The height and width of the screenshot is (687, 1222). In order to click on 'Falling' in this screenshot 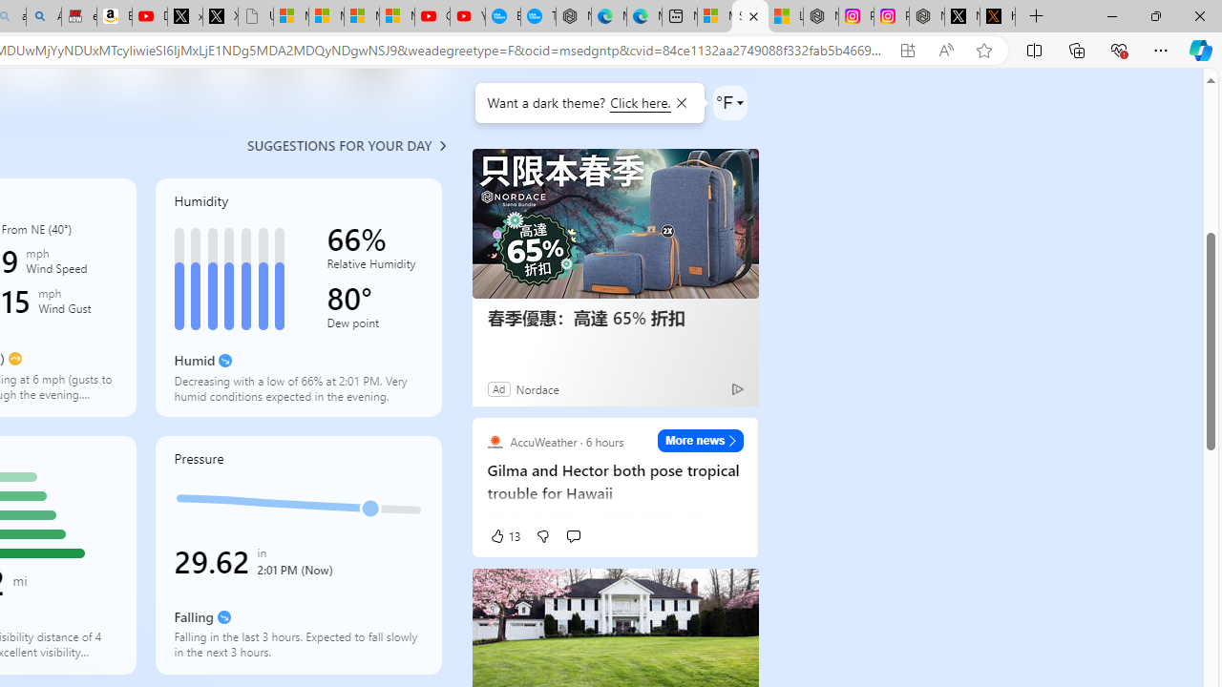, I will do `click(223, 616)`.